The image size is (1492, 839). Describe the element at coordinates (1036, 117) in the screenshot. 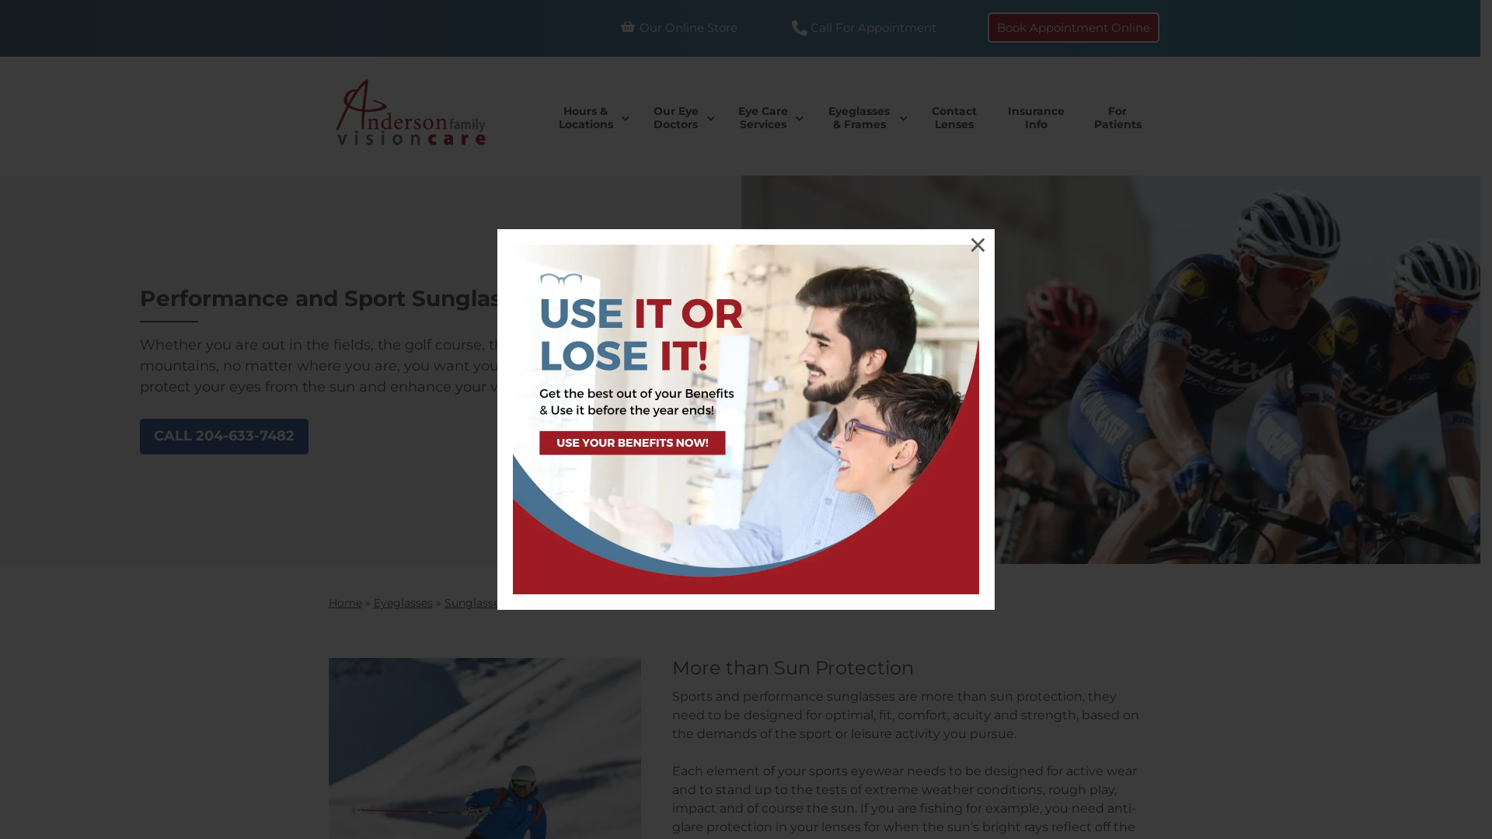

I see `'Insurance Info'` at that location.